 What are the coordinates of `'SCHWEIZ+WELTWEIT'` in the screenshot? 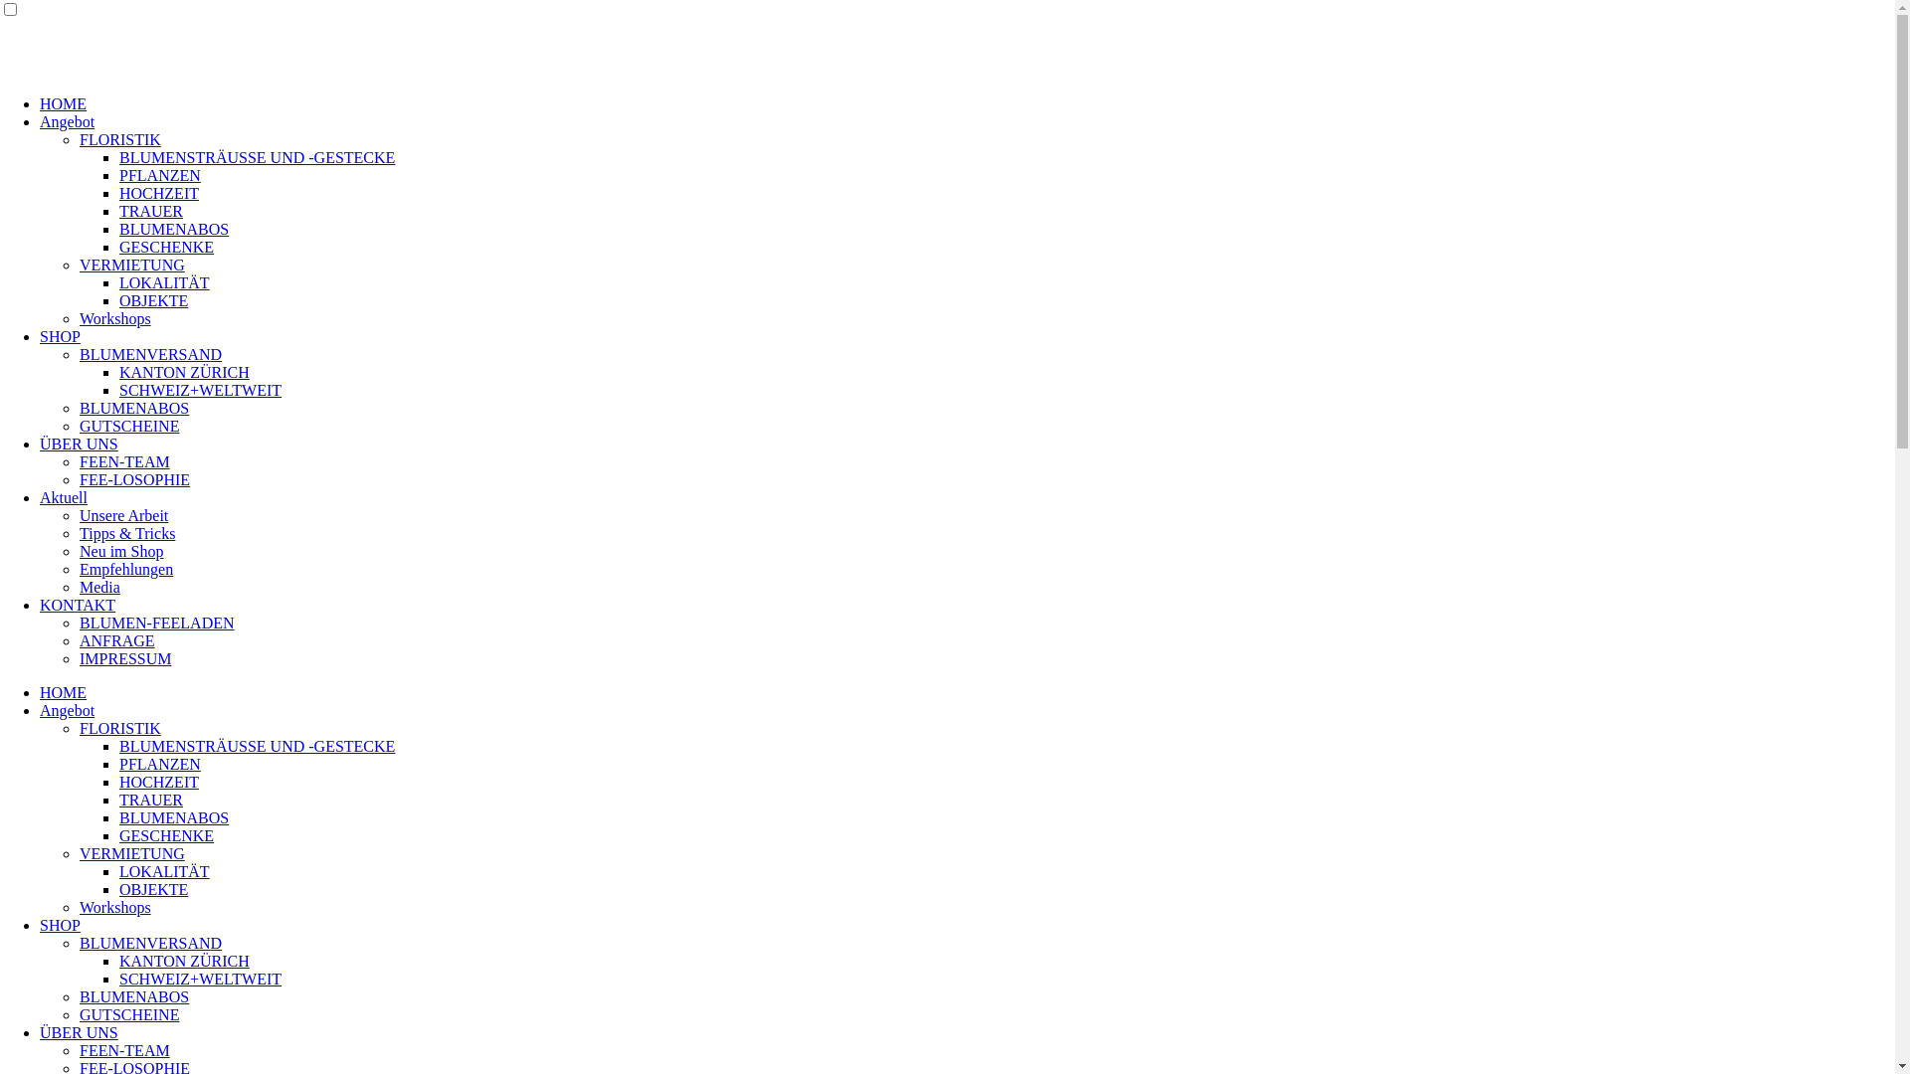 It's located at (200, 978).